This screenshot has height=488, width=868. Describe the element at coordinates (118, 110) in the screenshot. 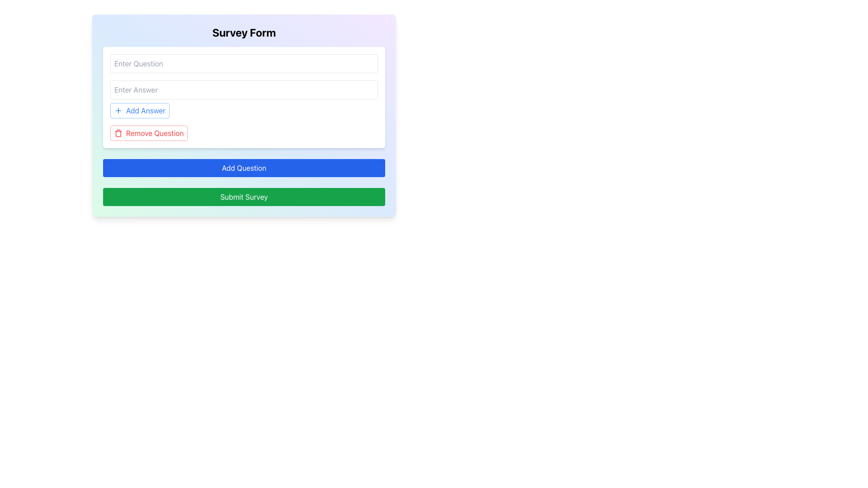

I see `the addition icon located within the 'Add Answer' button, which is positioned below the 'Enter Answer' text field and above the 'Remove Question' button` at that location.